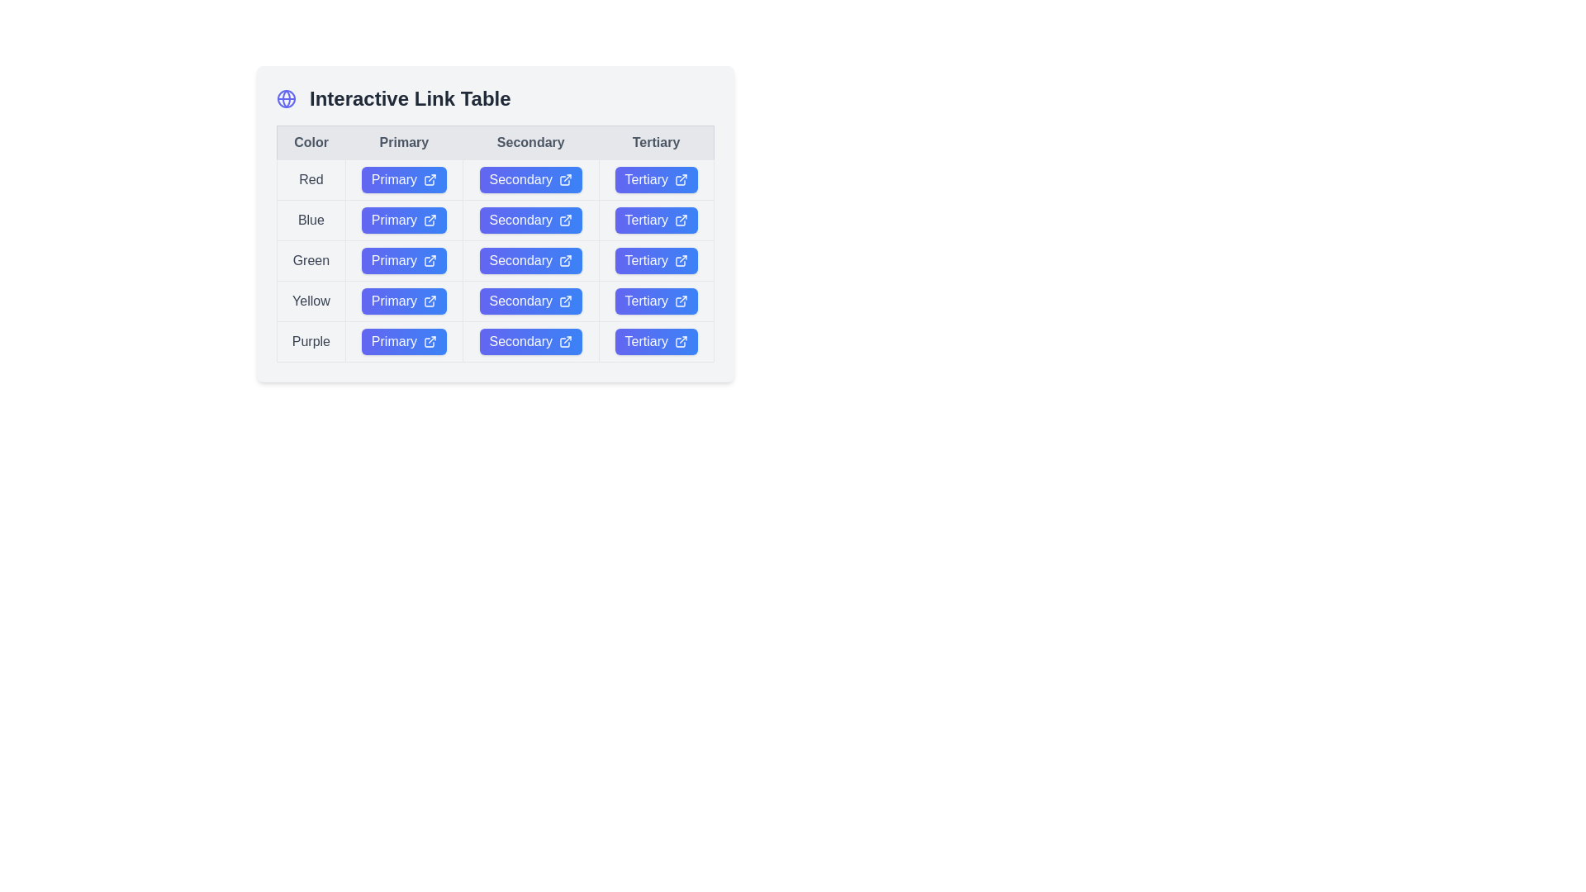  I want to click on the button with external link icon located in the 'Secondary' column of the 'Interactive Link Table' under the row labeled 'Blue', so click(530, 219).